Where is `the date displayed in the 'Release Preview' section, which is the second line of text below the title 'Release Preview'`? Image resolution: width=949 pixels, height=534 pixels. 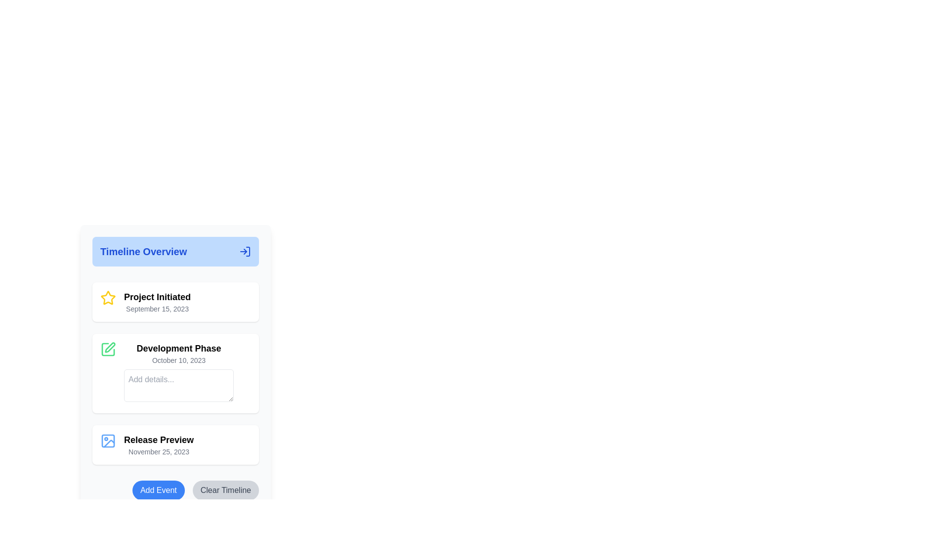
the date displayed in the 'Release Preview' section, which is the second line of text below the title 'Release Preview' is located at coordinates (159, 452).